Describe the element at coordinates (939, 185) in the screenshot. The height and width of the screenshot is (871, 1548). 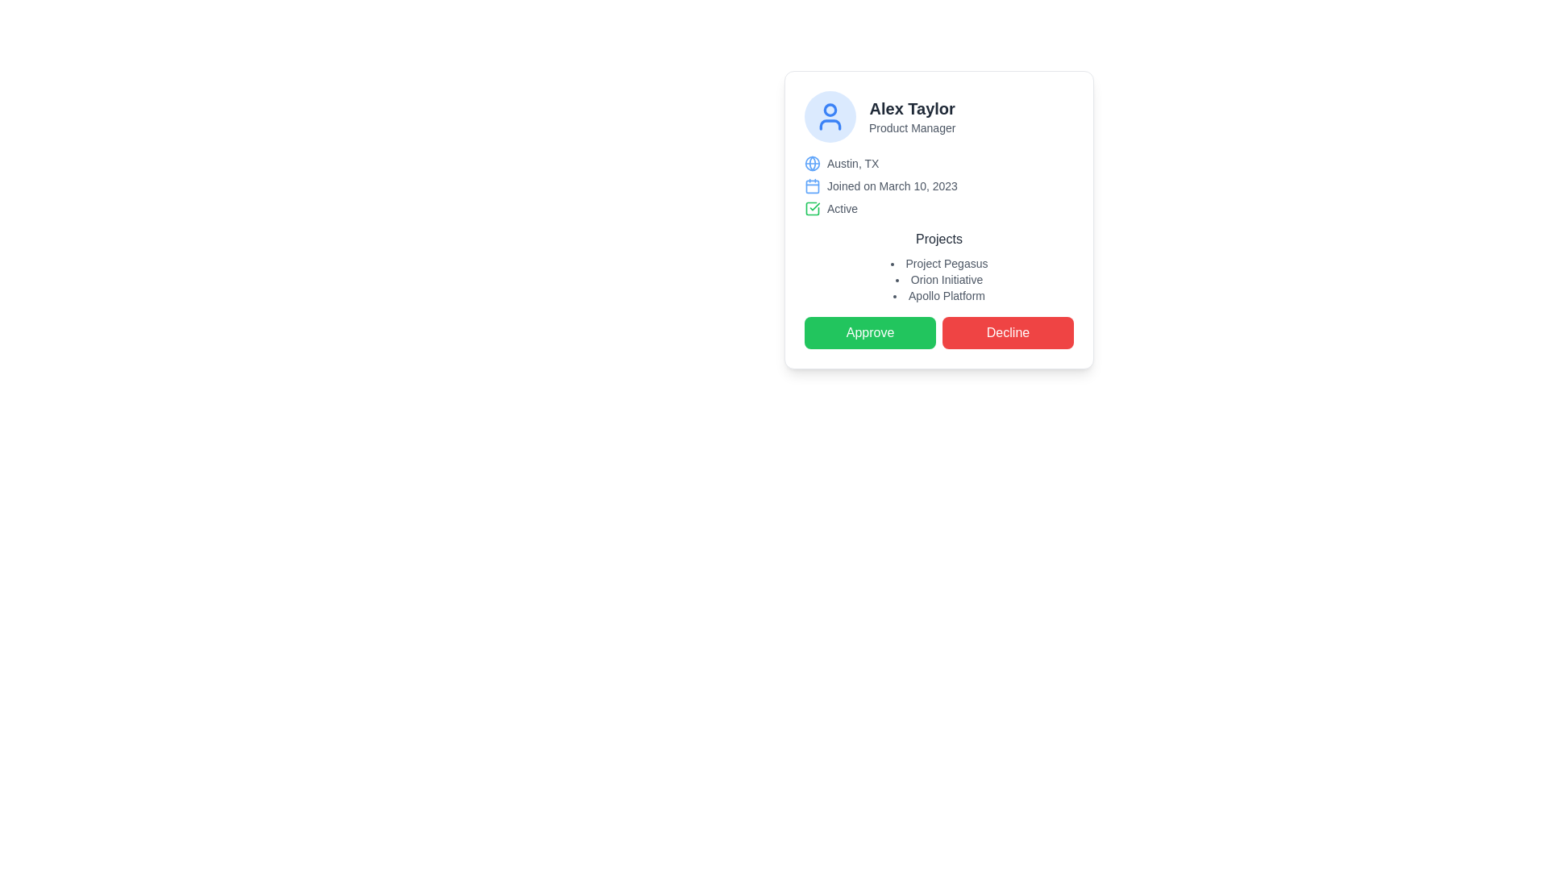
I see `the informational text element regarding the date the individual joined, located in the profile card between 'Austin, TX' and 'Active'` at that location.